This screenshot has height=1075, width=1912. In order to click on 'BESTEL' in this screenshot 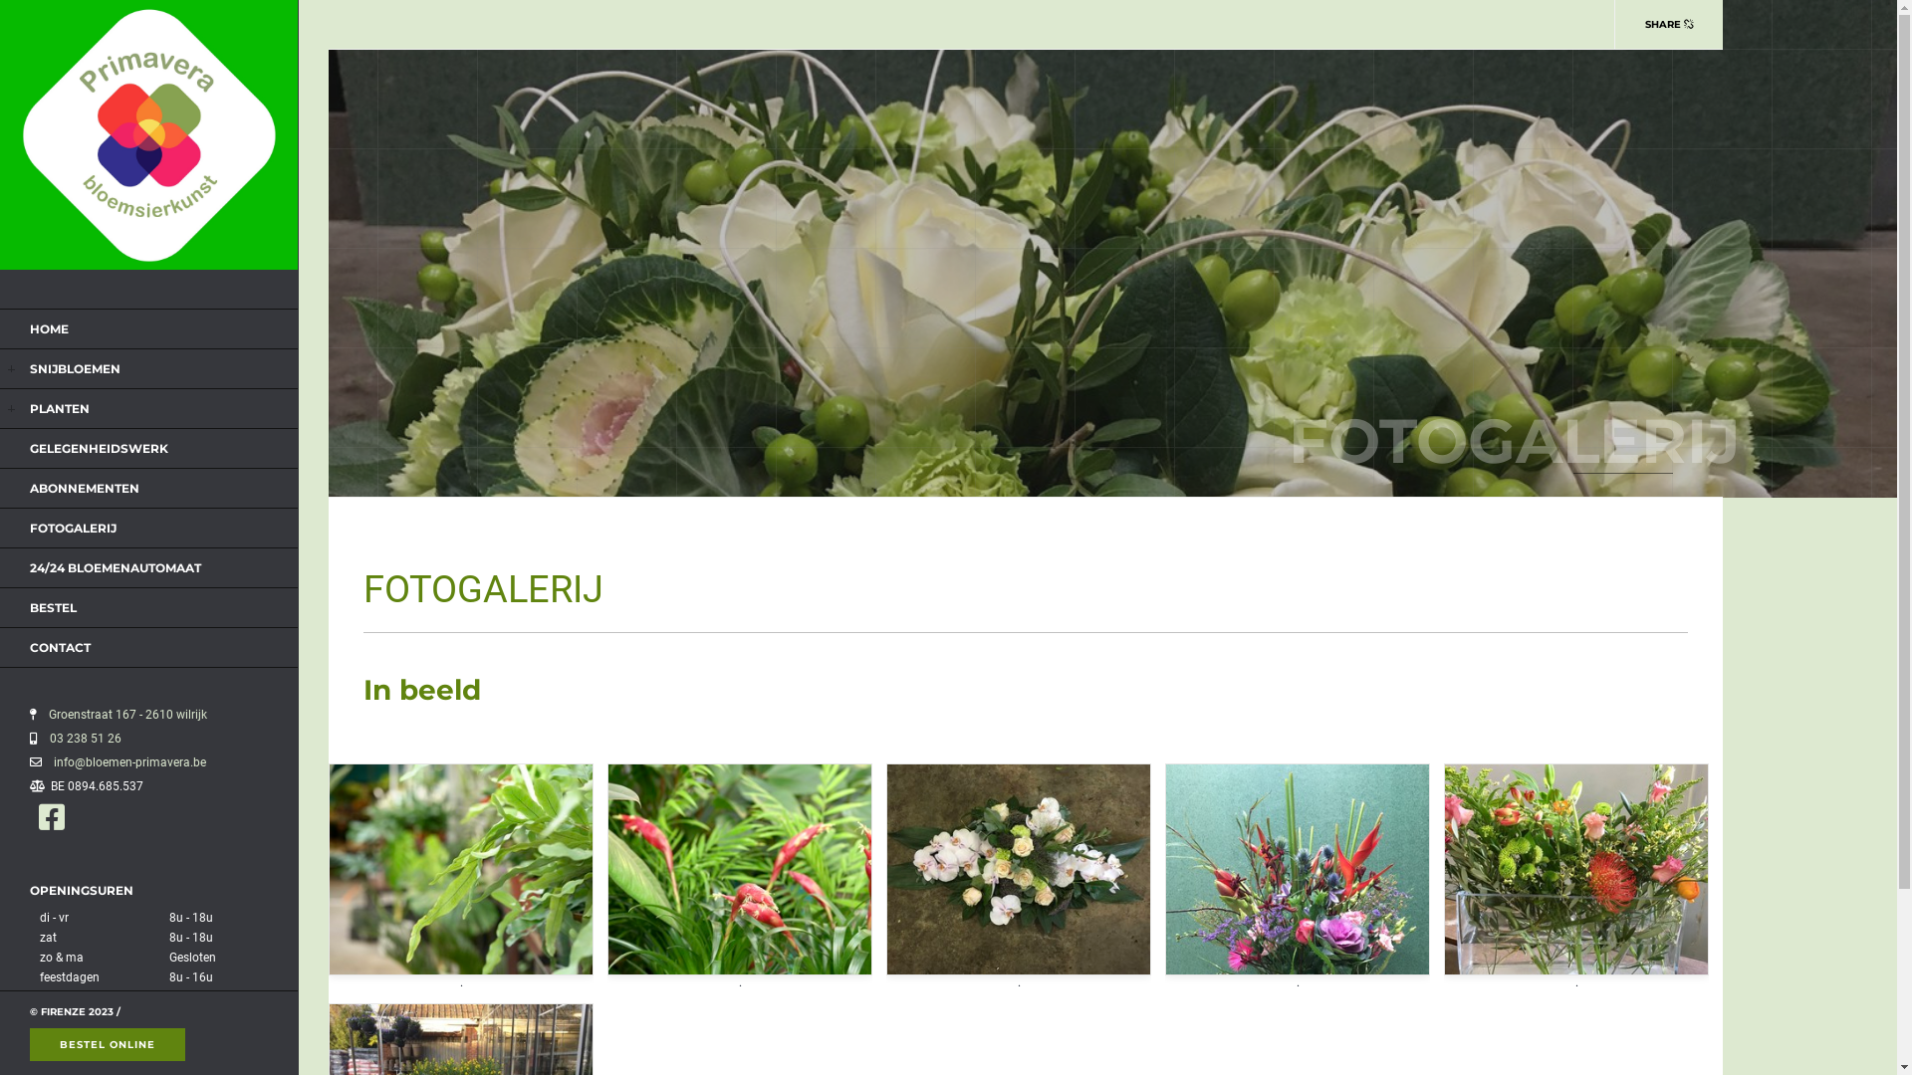, I will do `click(53, 606)`.